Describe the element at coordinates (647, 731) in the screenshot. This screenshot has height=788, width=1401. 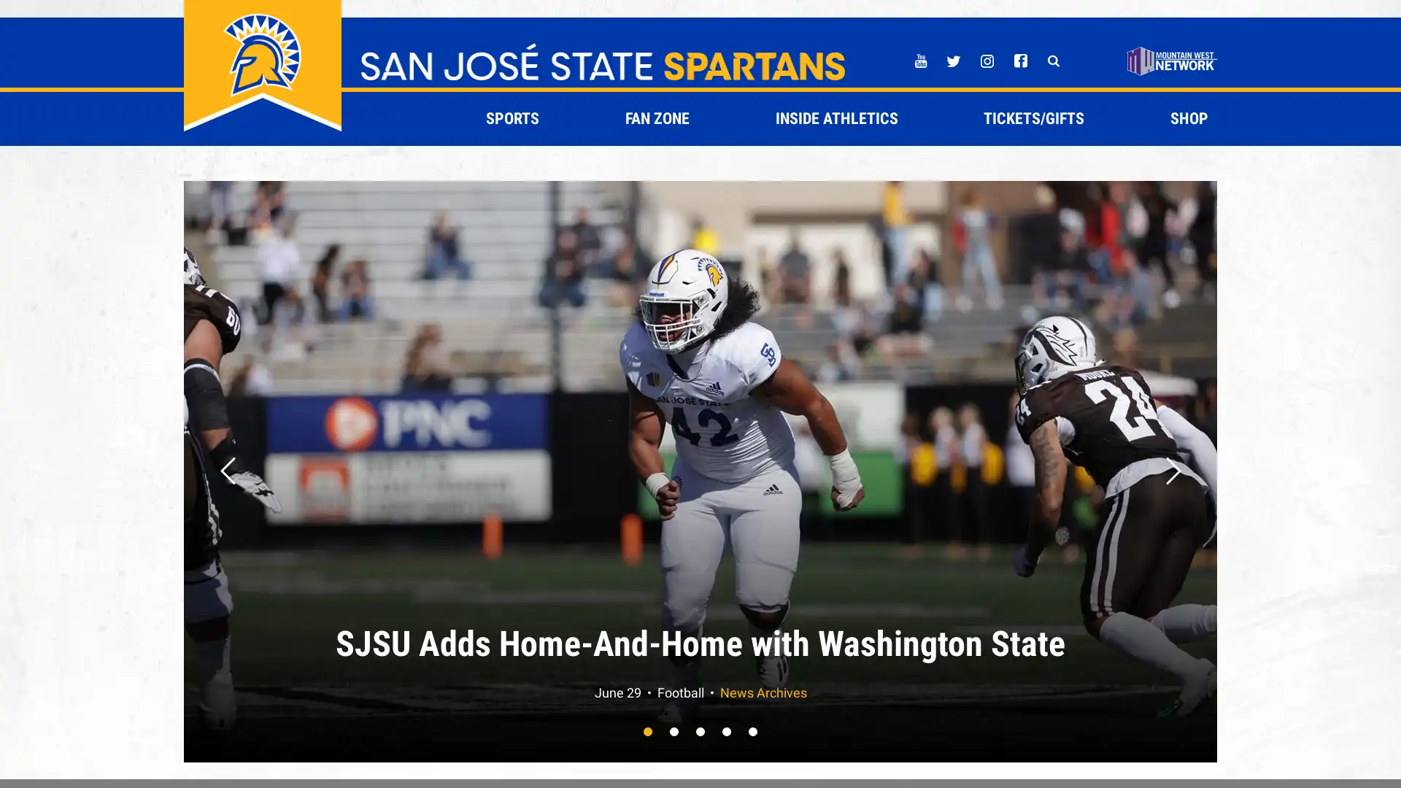
I see `Navigate to slide 1` at that location.